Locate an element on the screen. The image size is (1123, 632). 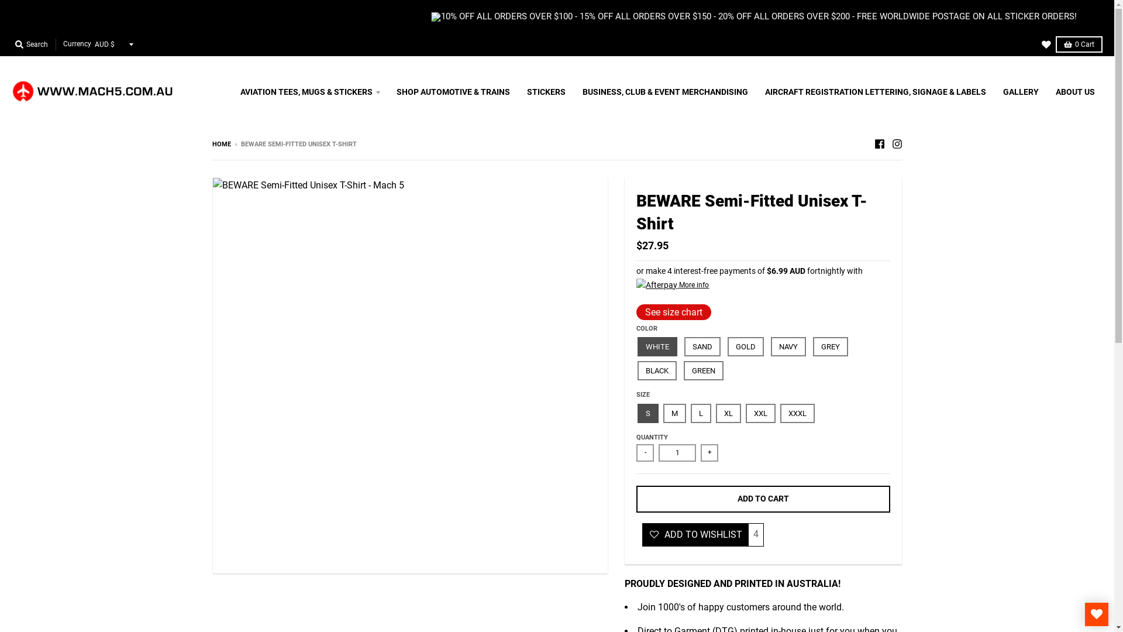
'HOME' is located at coordinates (211, 143).